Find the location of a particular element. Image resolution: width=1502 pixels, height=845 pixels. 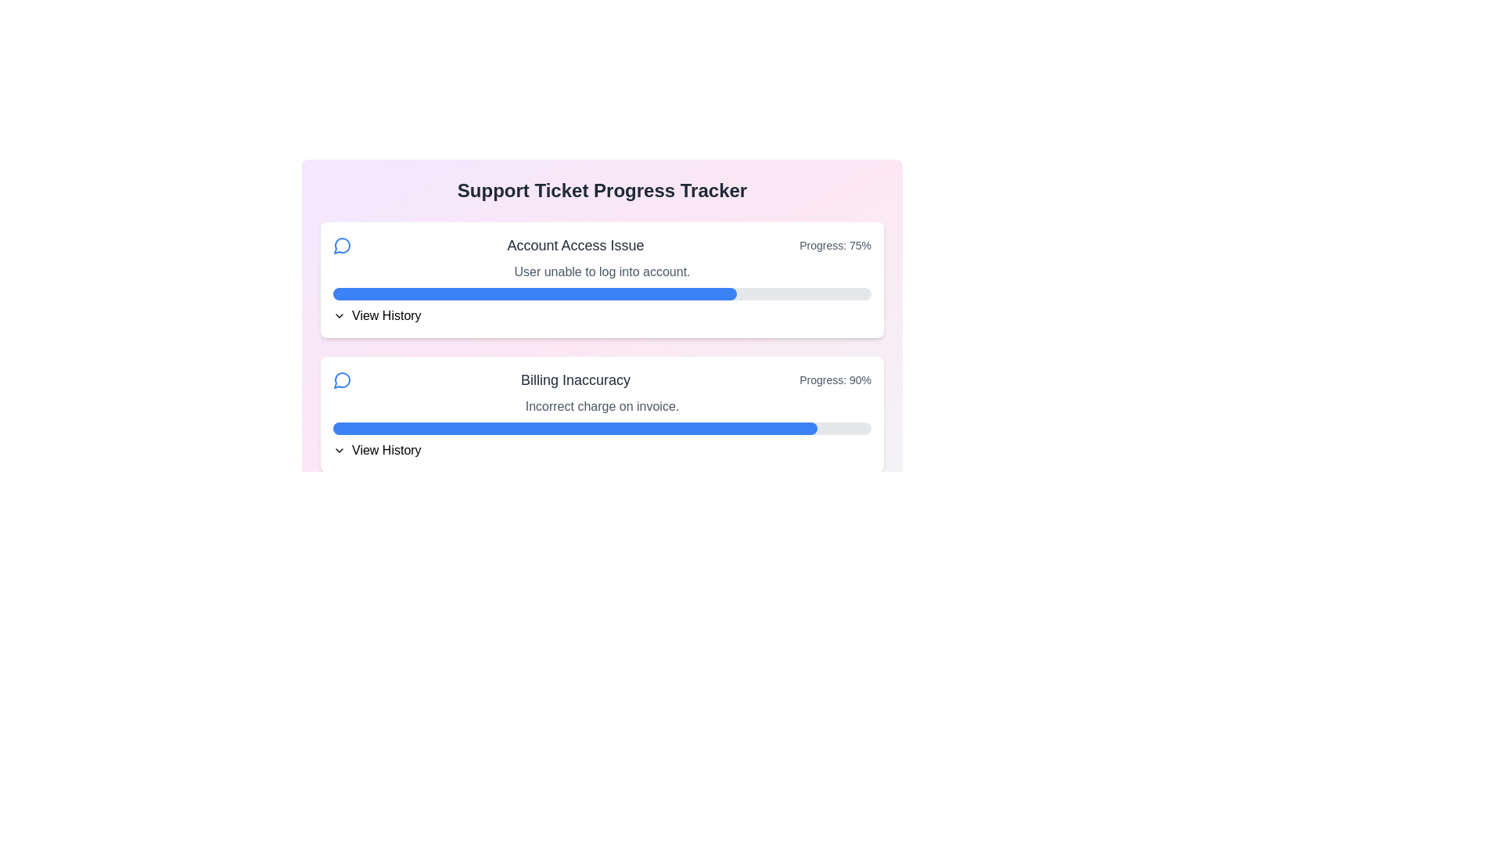

the text label or button that accesses history details related to the issue described in the card above it, positioned immediately to the right of a chevron-down icon is located at coordinates (386, 316).